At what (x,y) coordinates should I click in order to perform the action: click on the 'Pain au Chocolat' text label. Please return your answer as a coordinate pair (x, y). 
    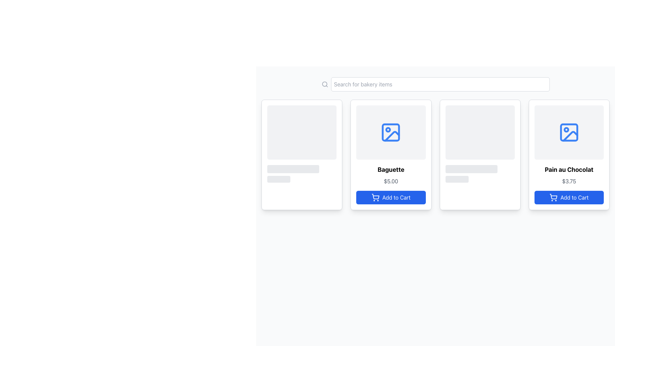
    Looking at the image, I should click on (569, 169).